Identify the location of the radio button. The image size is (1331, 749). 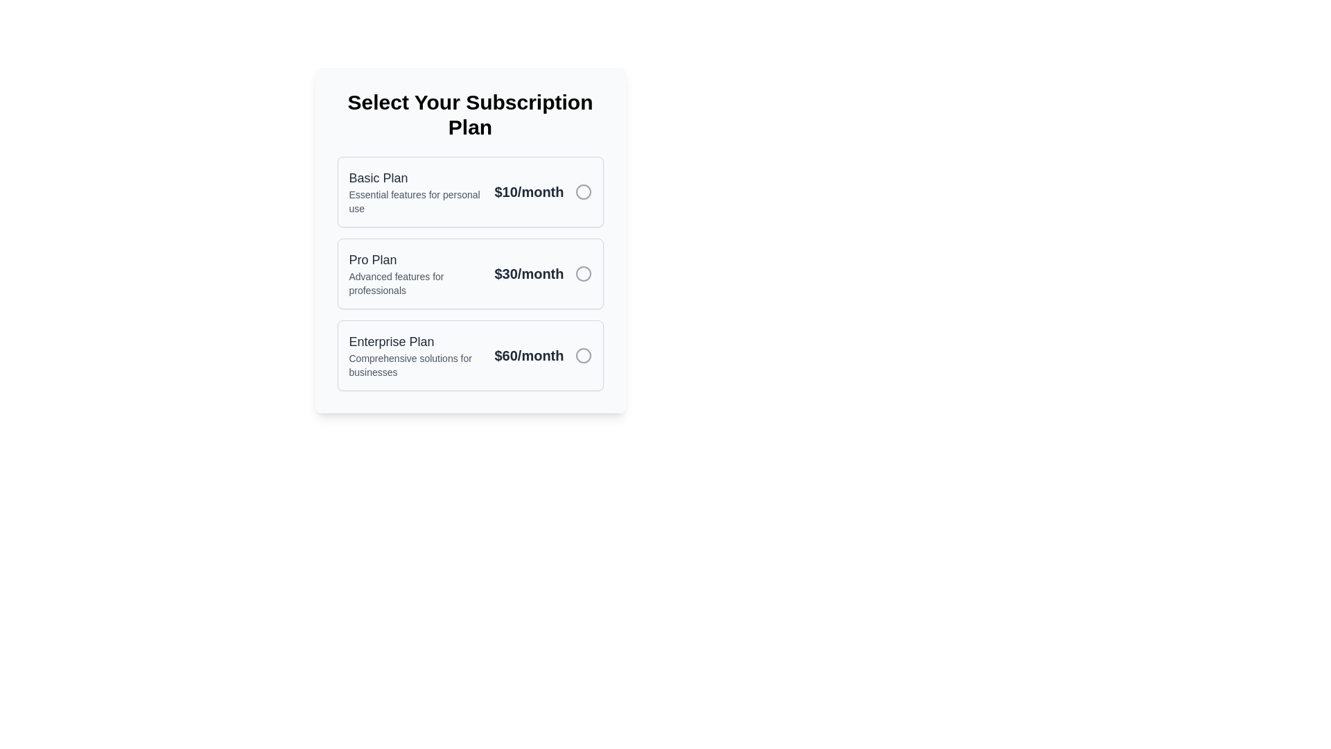
(470, 273).